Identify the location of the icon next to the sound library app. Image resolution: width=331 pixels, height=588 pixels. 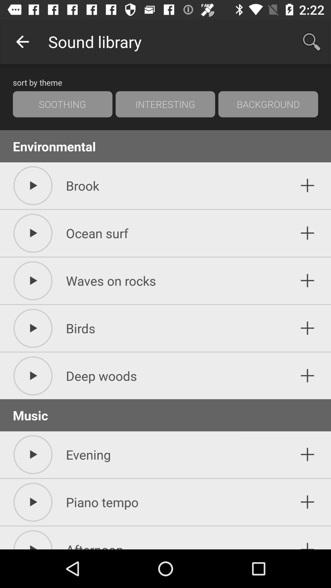
(22, 41).